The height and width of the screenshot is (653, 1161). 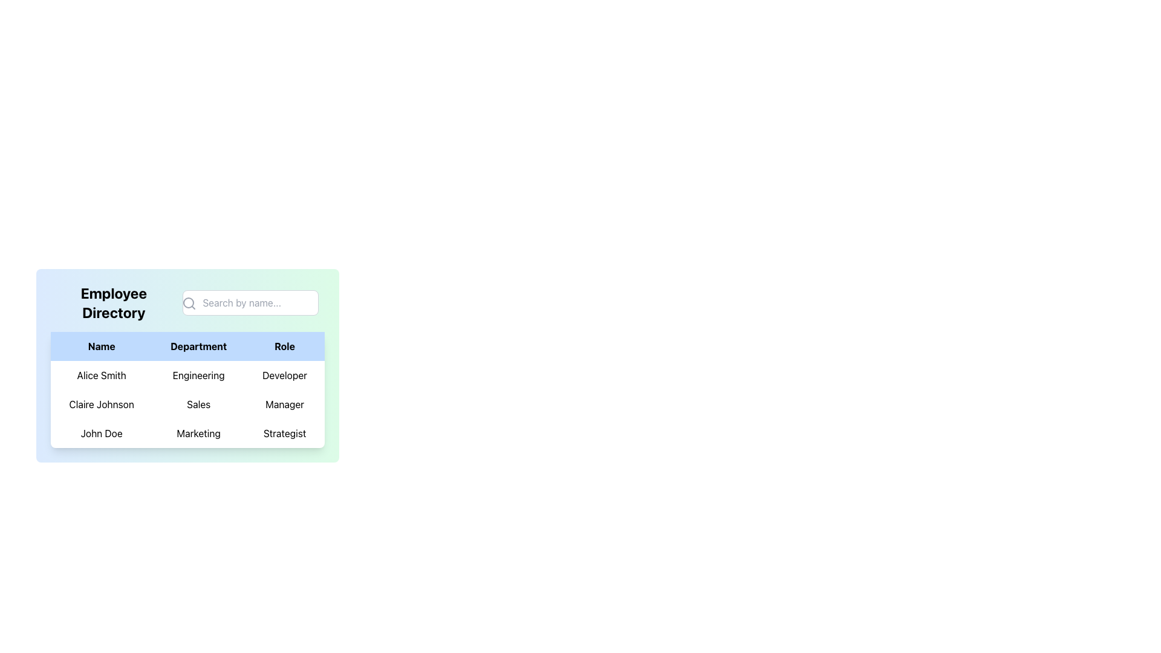 What do you see at coordinates (187, 389) in the screenshot?
I see `the specific row item for details or interaction in the employee directory interface, such as 'Alice Smith'` at bounding box center [187, 389].